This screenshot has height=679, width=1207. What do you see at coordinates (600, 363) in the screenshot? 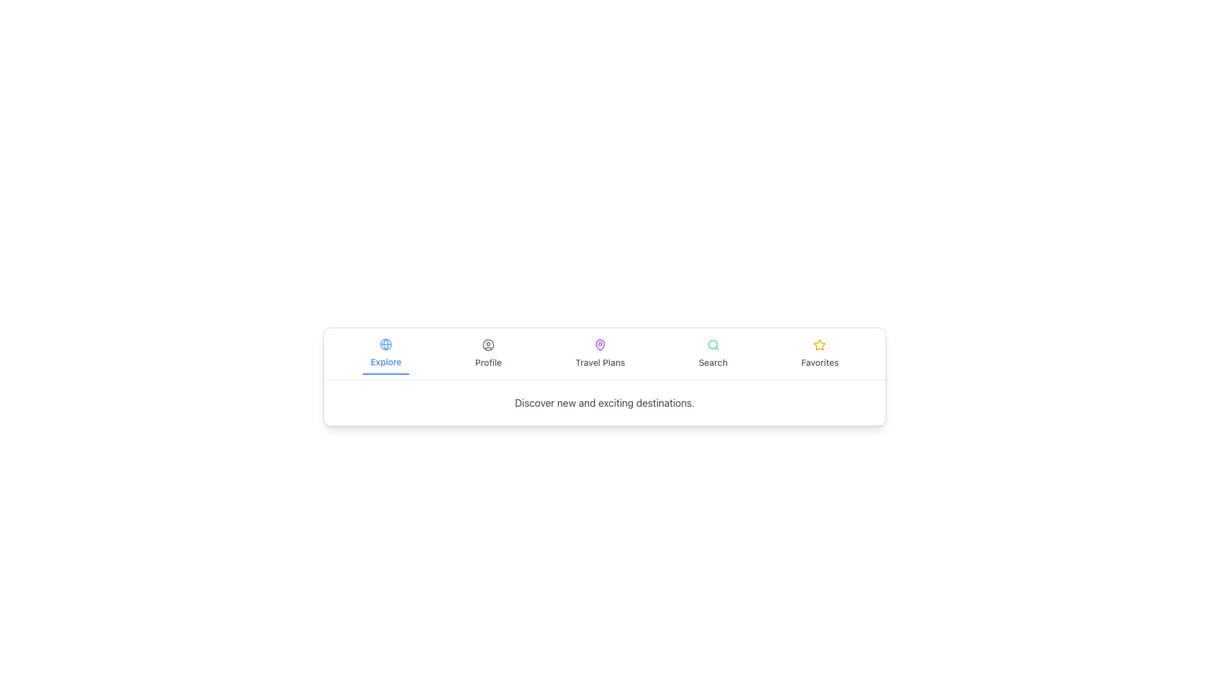
I see `the static text label reading 'Travel Plans' located below the purple map pin icon in the navigation bar` at bounding box center [600, 363].